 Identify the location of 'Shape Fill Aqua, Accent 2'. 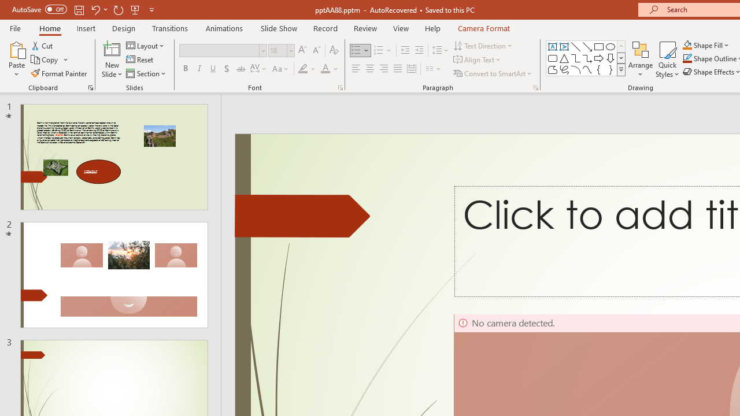
(687, 44).